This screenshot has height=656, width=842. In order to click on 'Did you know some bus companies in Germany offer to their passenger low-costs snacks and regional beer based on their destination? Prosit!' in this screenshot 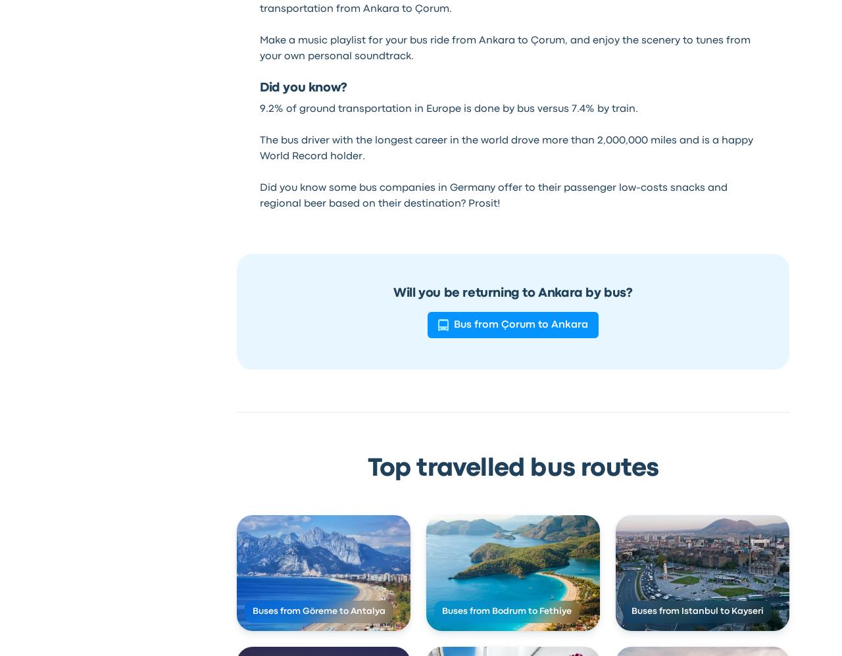, I will do `click(259, 195)`.